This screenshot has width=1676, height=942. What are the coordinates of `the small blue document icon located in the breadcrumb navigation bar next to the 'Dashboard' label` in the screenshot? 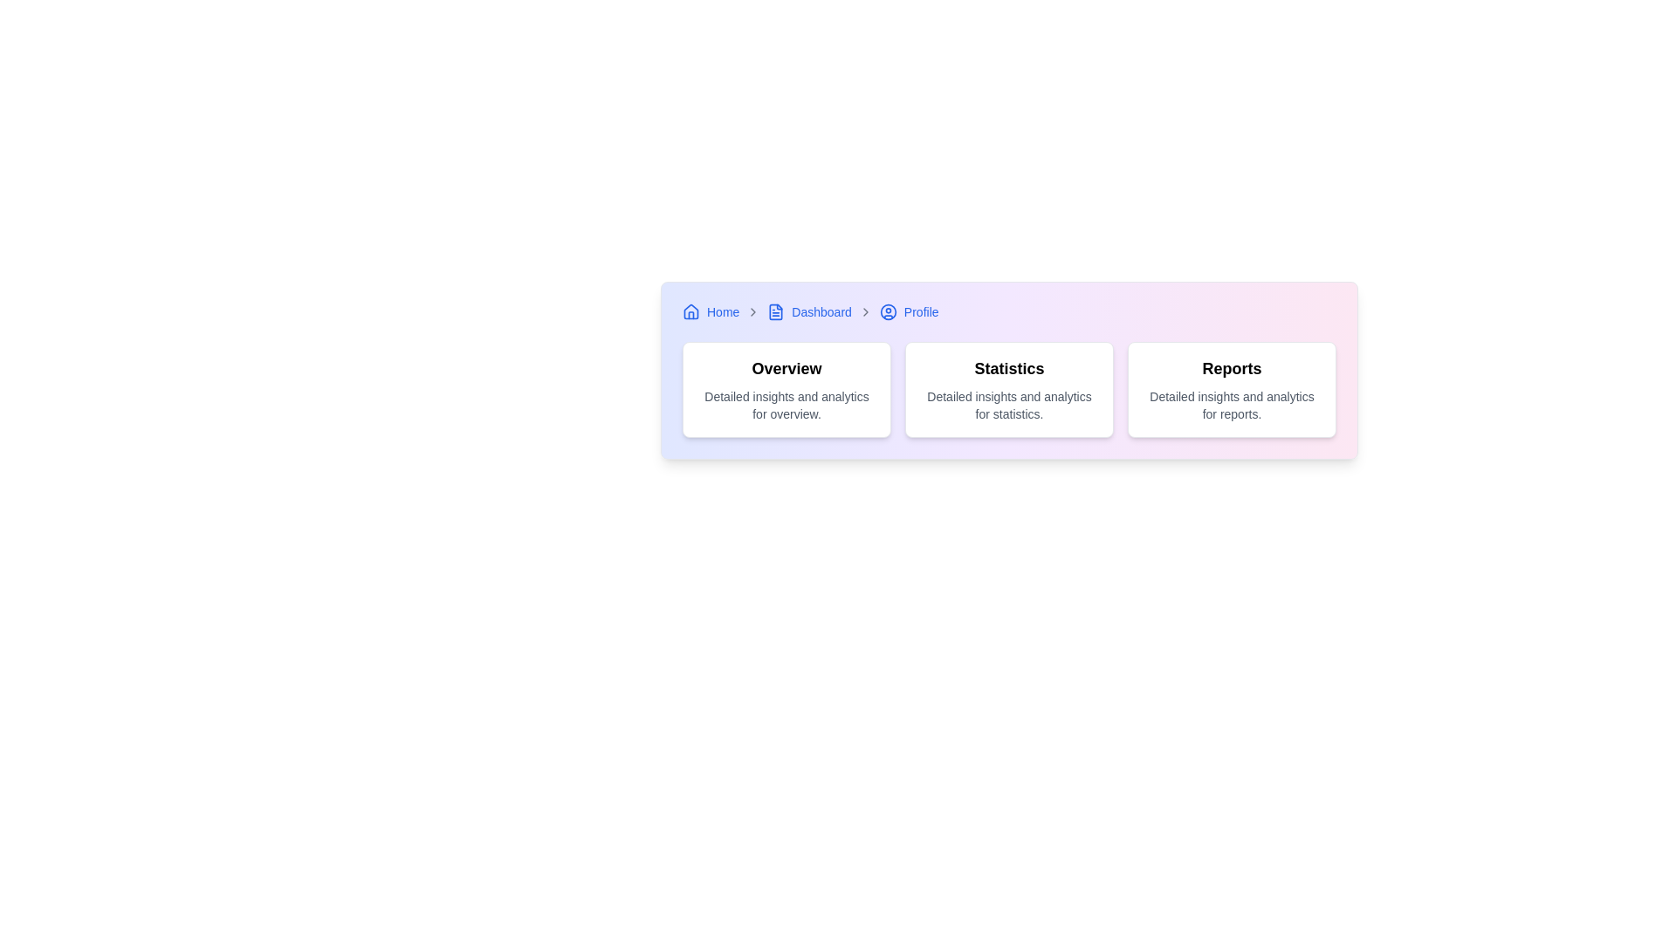 It's located at (775, 311).